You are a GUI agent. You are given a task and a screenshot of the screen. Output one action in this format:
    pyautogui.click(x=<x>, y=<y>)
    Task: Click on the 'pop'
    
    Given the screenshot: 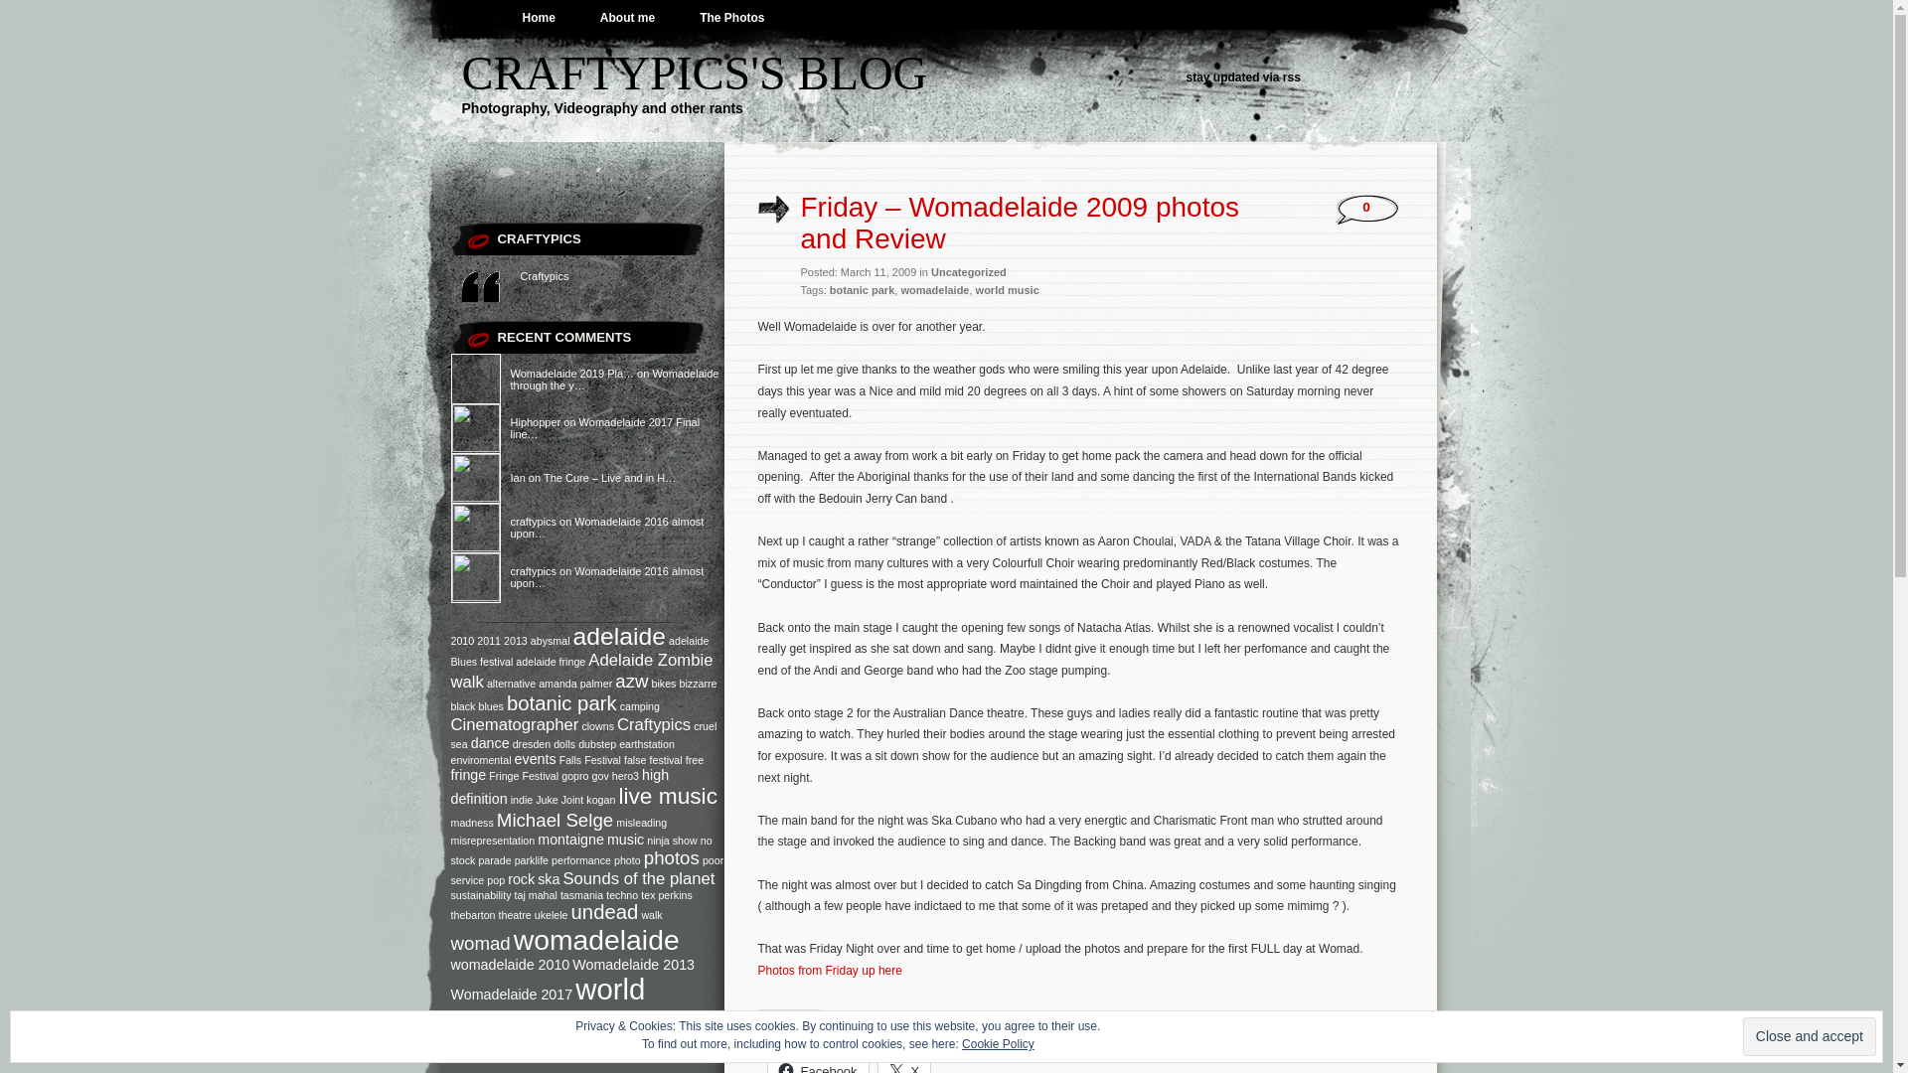 What is the action you would take?
    pyautogui.click(x=486, y=879)
    